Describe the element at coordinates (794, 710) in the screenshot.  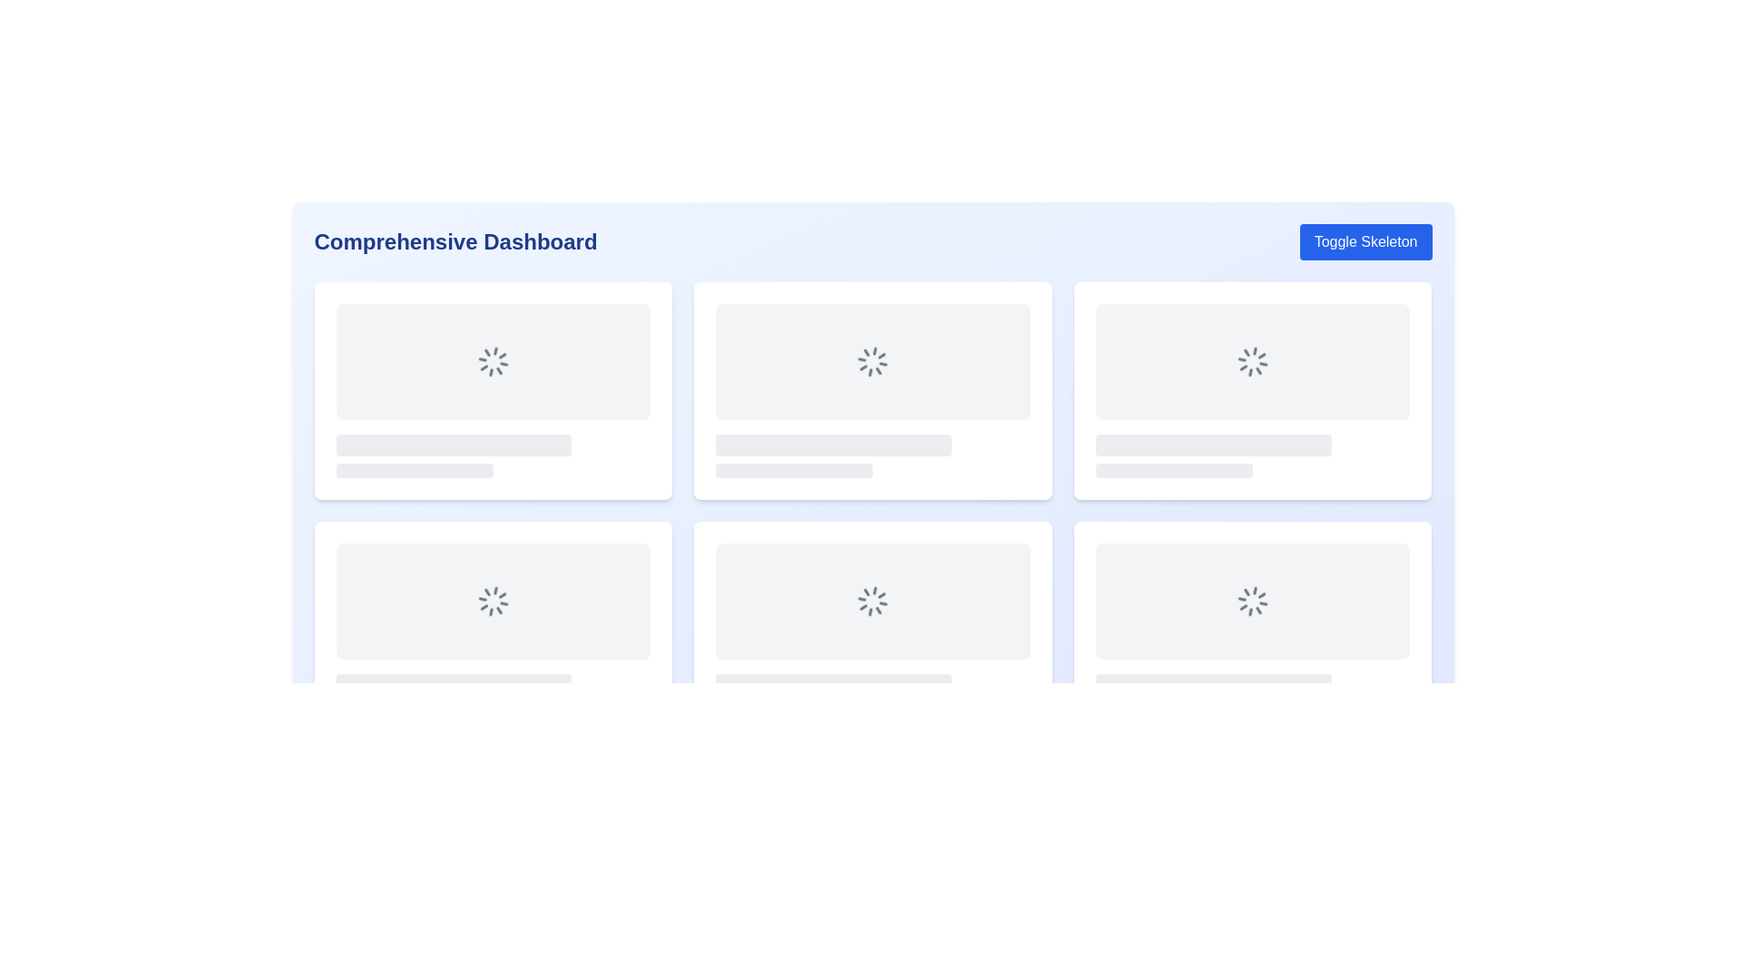
I see `the Loading Placeholder Bar, which is the second element in a vertical grouping of two placeholders located in the bottom-left card of the grid layout` at that location.